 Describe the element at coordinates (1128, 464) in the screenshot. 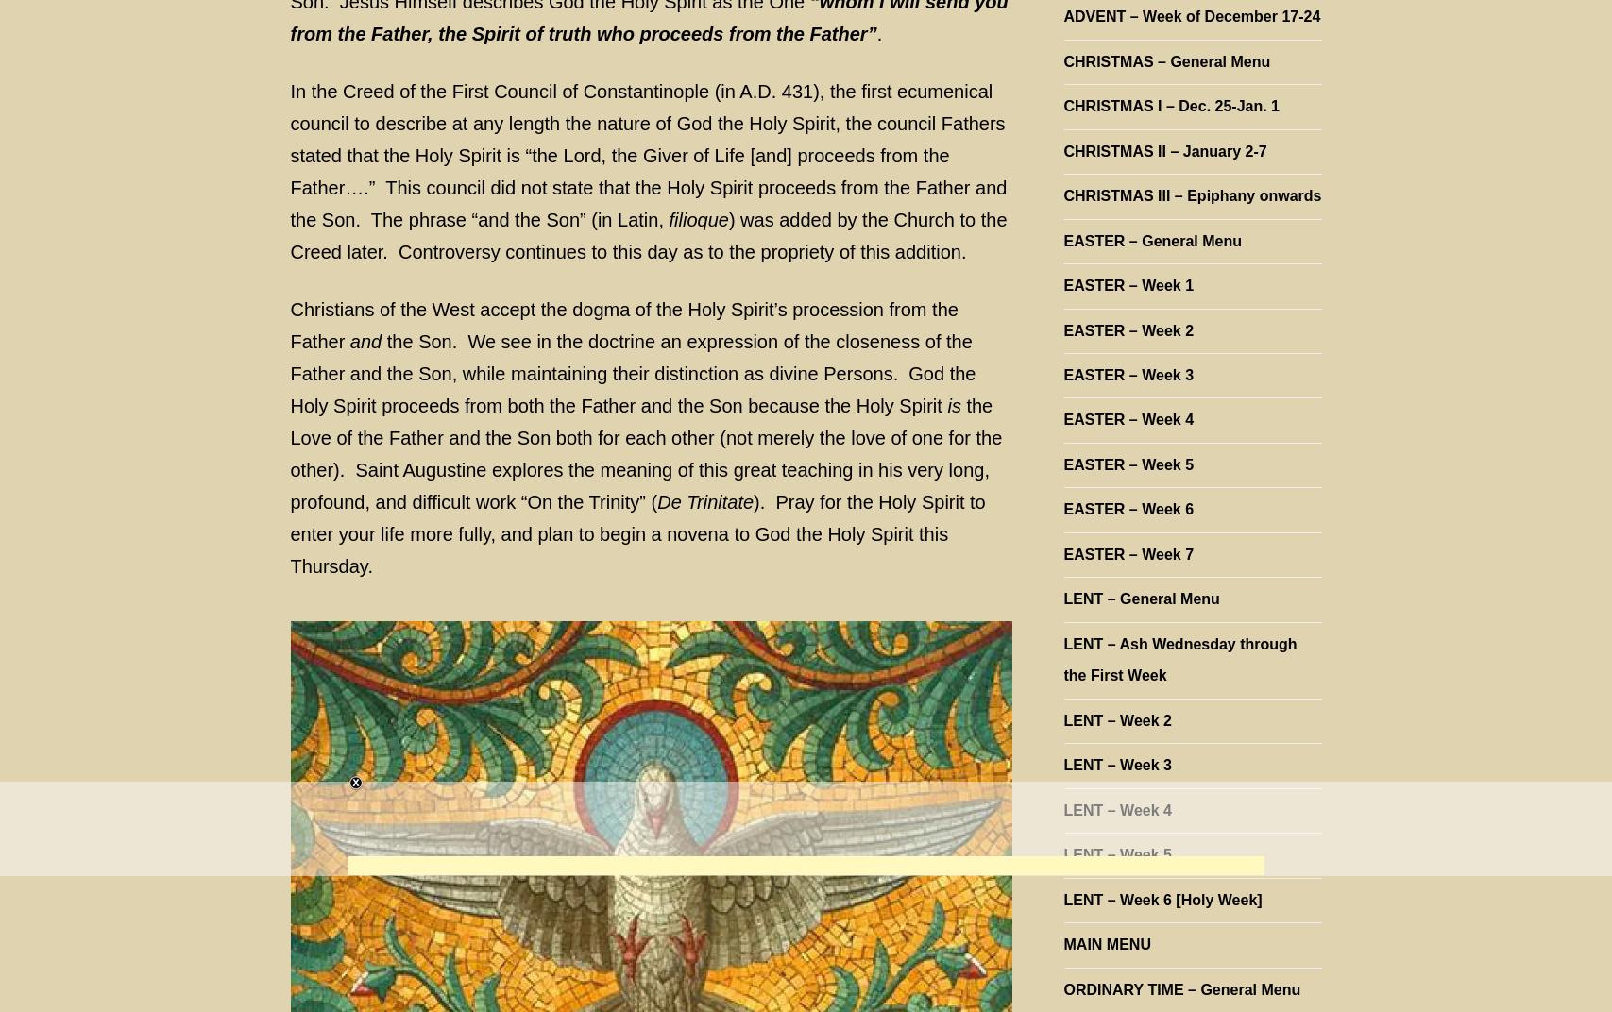

I see `'EASTER – Week 5'` at that location.